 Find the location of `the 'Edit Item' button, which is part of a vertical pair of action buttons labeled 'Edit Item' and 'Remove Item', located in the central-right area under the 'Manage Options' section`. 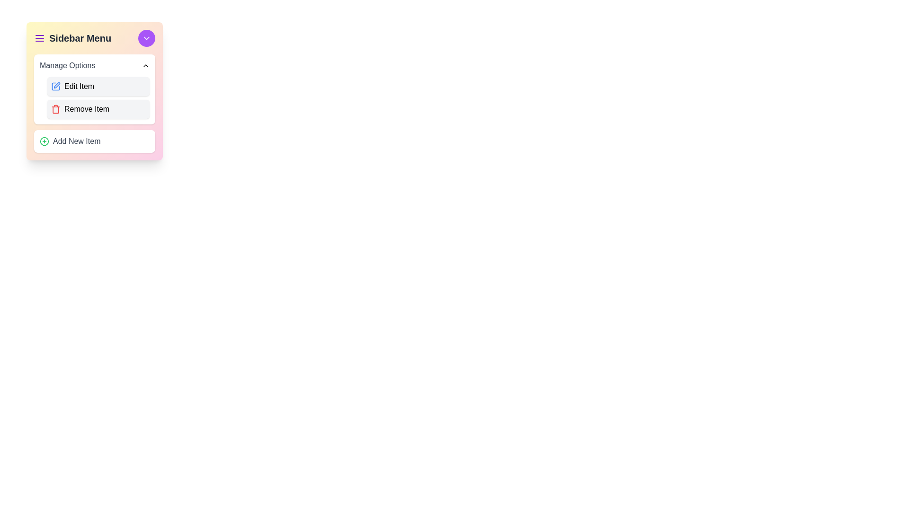

the 'Edit Item' button, which is part of a vertical pair of action buttons labeled 'Edit Item' and 'Remove Item', located in the central-right area under the 'Manage Options' section is located at coordinates (95, 98).